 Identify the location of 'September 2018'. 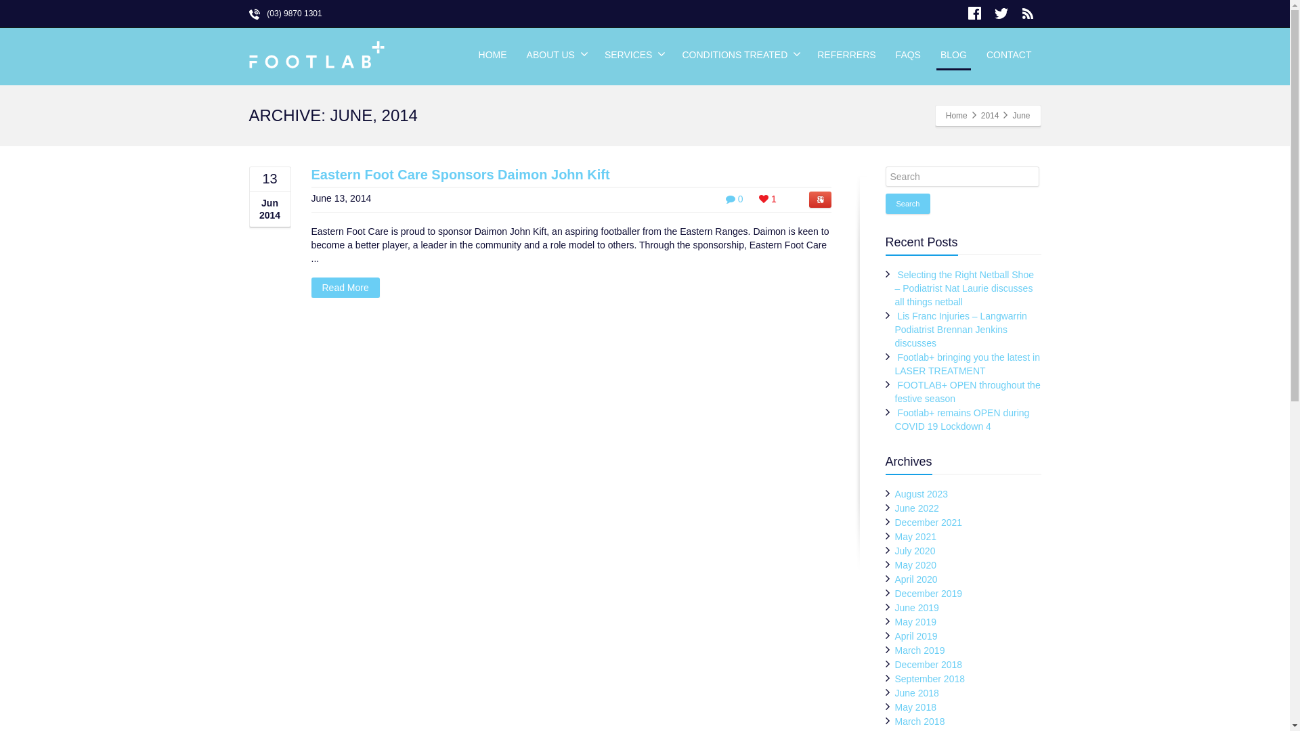
(929, 678).